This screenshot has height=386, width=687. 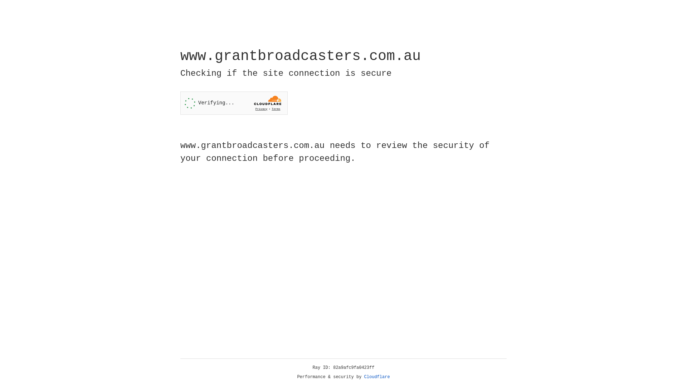 I want to click on 'Widget containing a Cloudflare security challenge', so click(x=234, y=103).